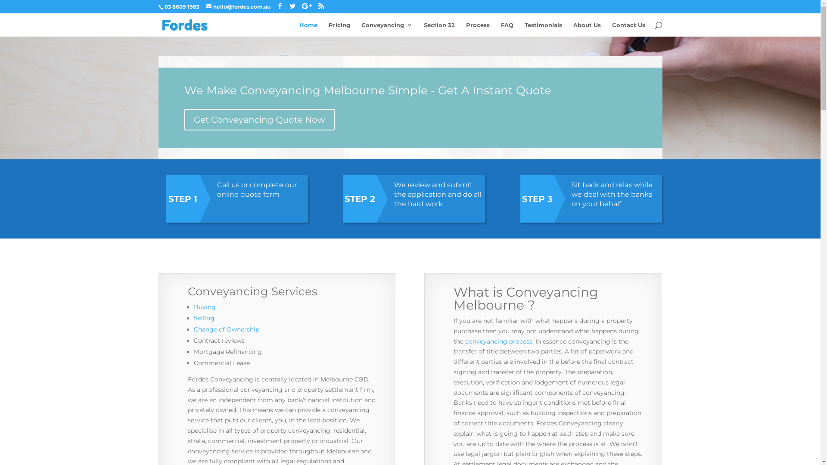 Image resolution: width=827 pixels, height=465 pixels. What do you see at coordinates (259, 119) in the screenshot?
I see `'Get Conveyancing Quote Now'` at bounding box center [259, 119].